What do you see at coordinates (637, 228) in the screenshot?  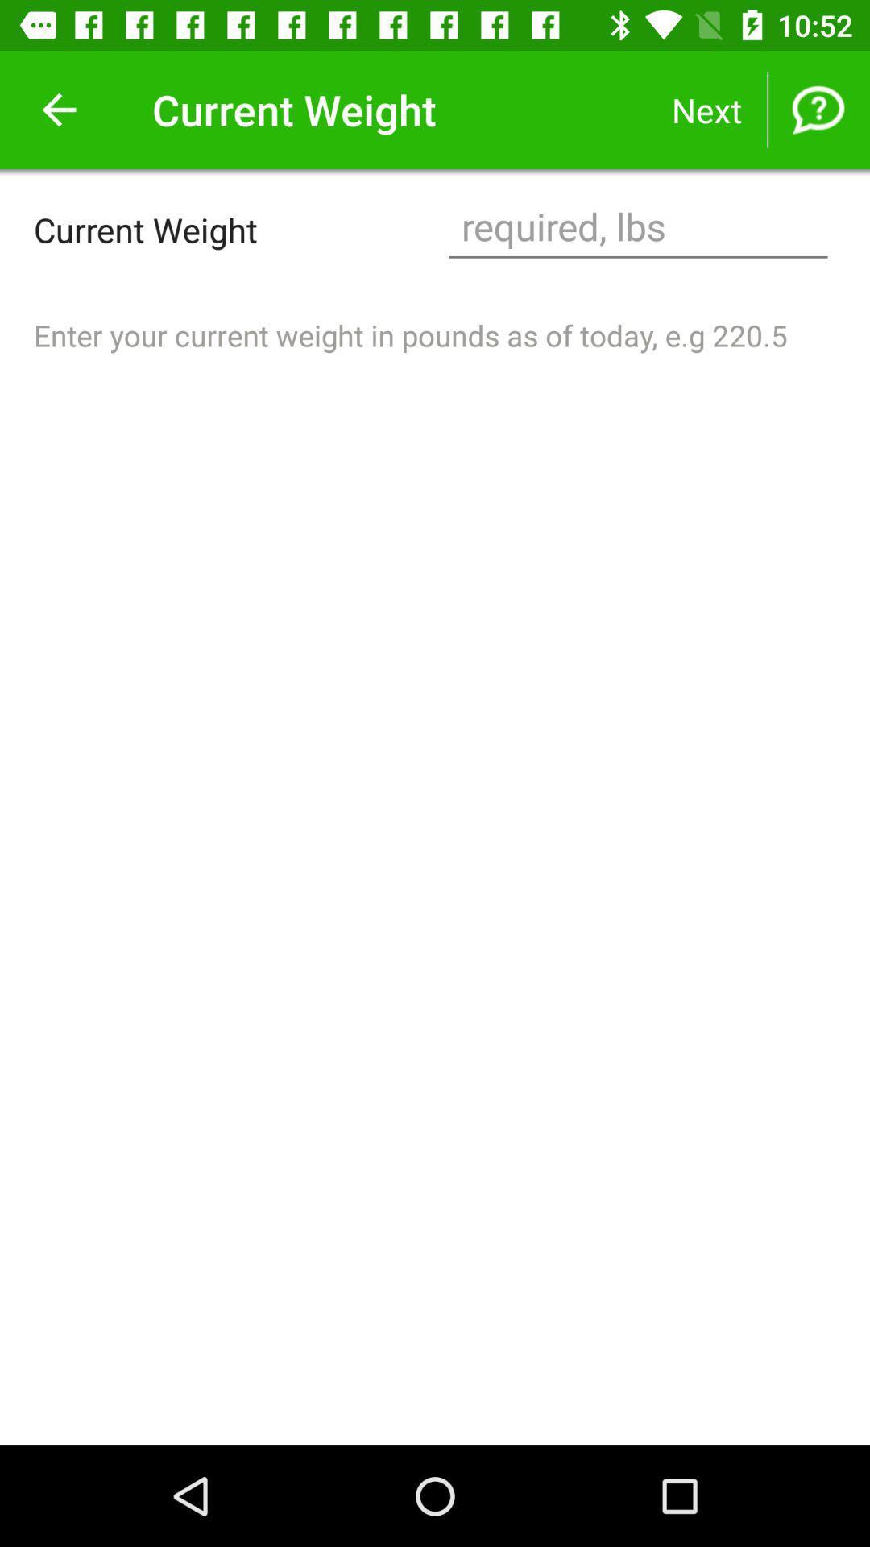 I see `weight as numbers` at bounding box center [637, 228].